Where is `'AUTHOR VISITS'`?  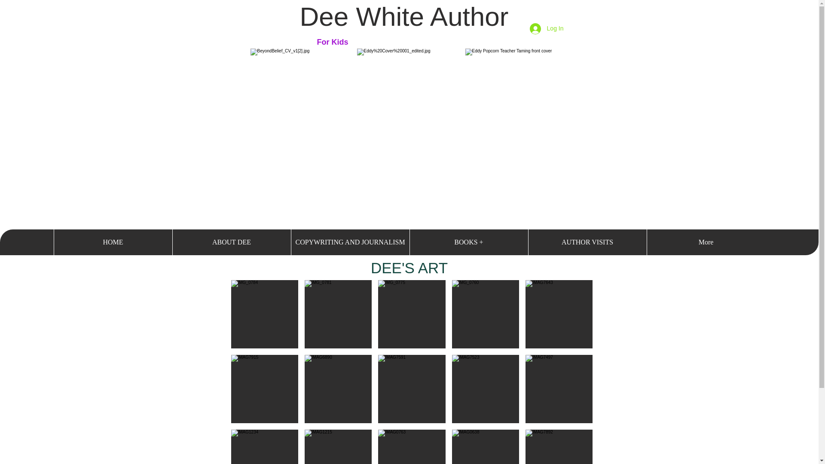
'AUTHOR VISITS' is located at coordinates (587, 242).